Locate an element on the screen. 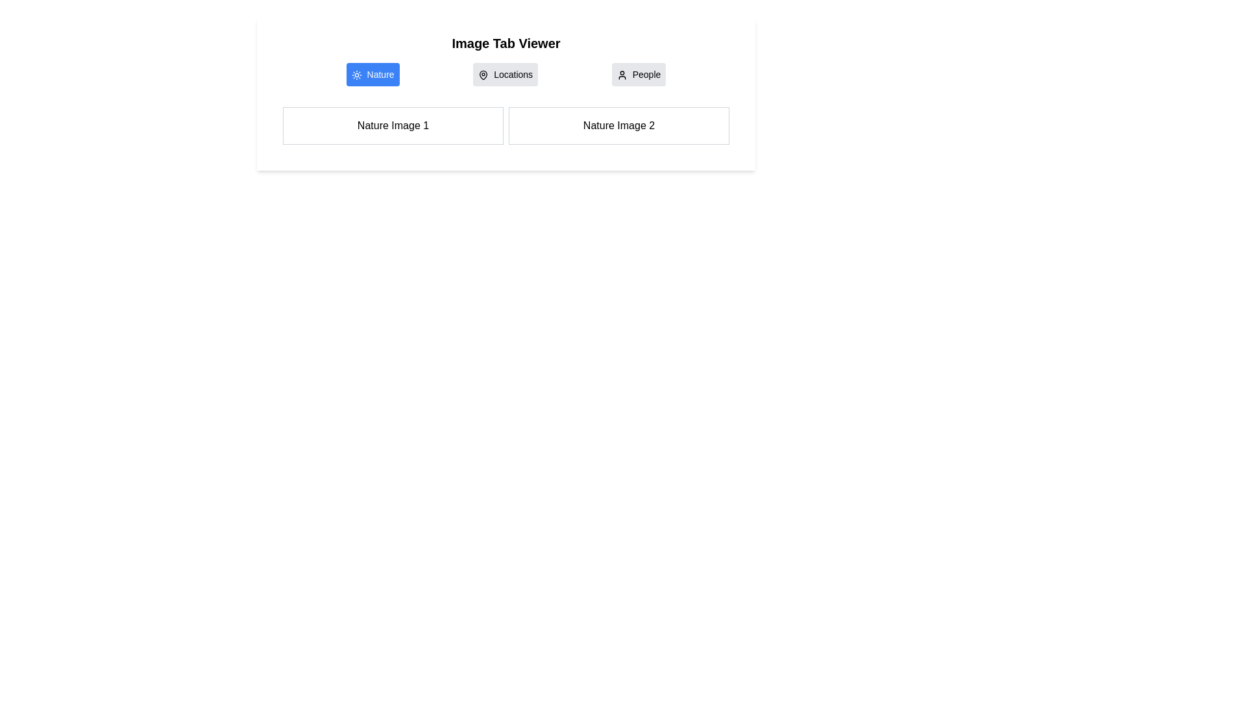 The image size is (1246, 701). the 'Nature' button, which is a small rectangular button with rounded corners, styled in blue with white text and a sun icon on its left, located on the left side of the horizontal navigation bar is located at coordinates (372, 75).